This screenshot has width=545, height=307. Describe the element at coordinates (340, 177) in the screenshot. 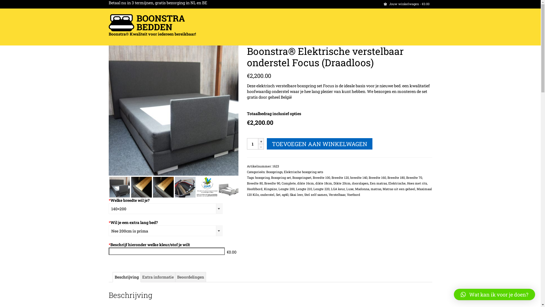

I see `'Breedte 120'` at that location.